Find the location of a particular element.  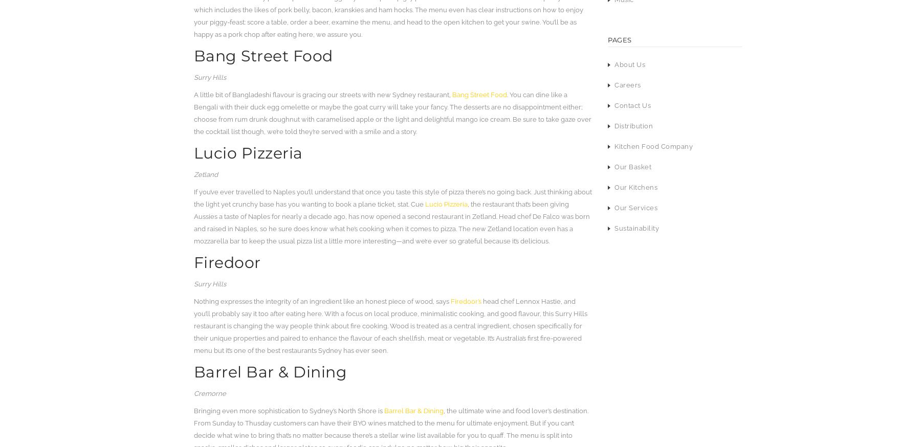

'Pages' is located at coordinates (620, 39).